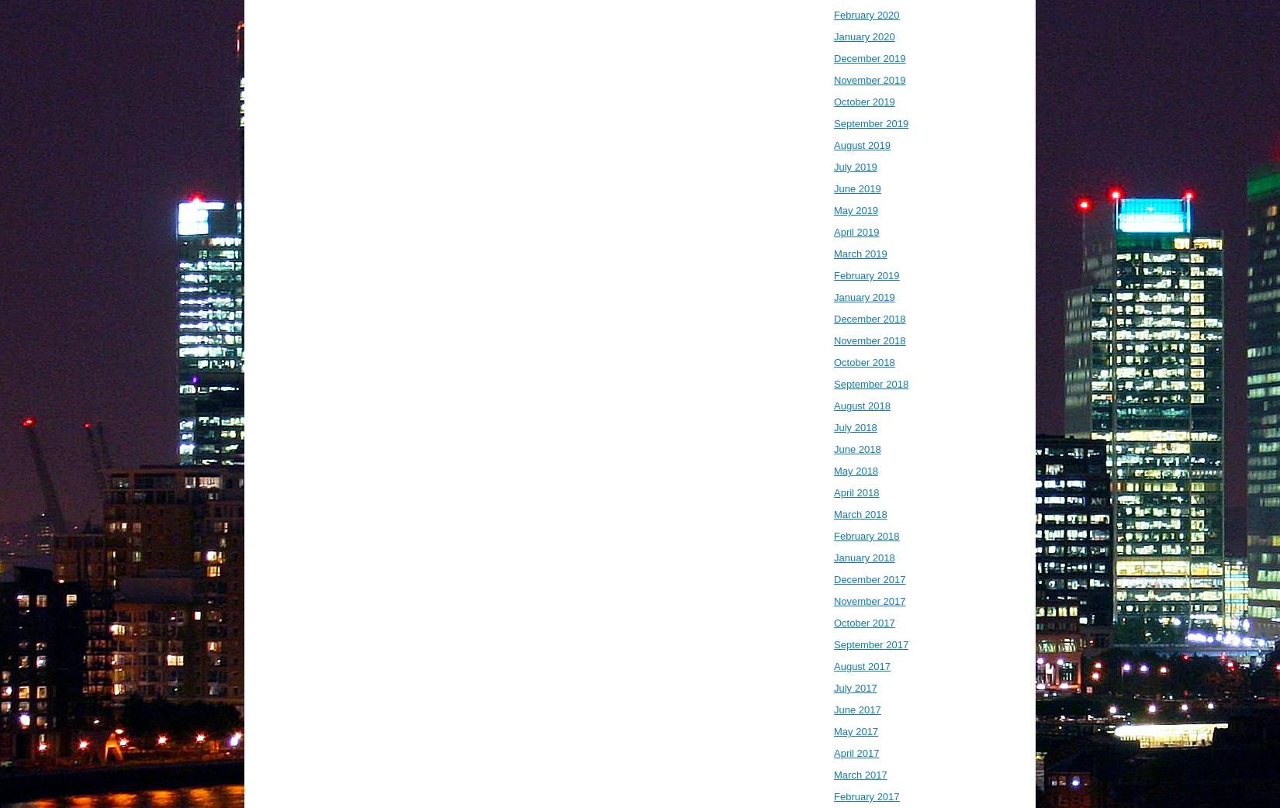 The image size is (1280, 808). What do you see at coordinates (856, 232) in the screenshot?
I see `'April 2019'` at bounding box center [856, 232].